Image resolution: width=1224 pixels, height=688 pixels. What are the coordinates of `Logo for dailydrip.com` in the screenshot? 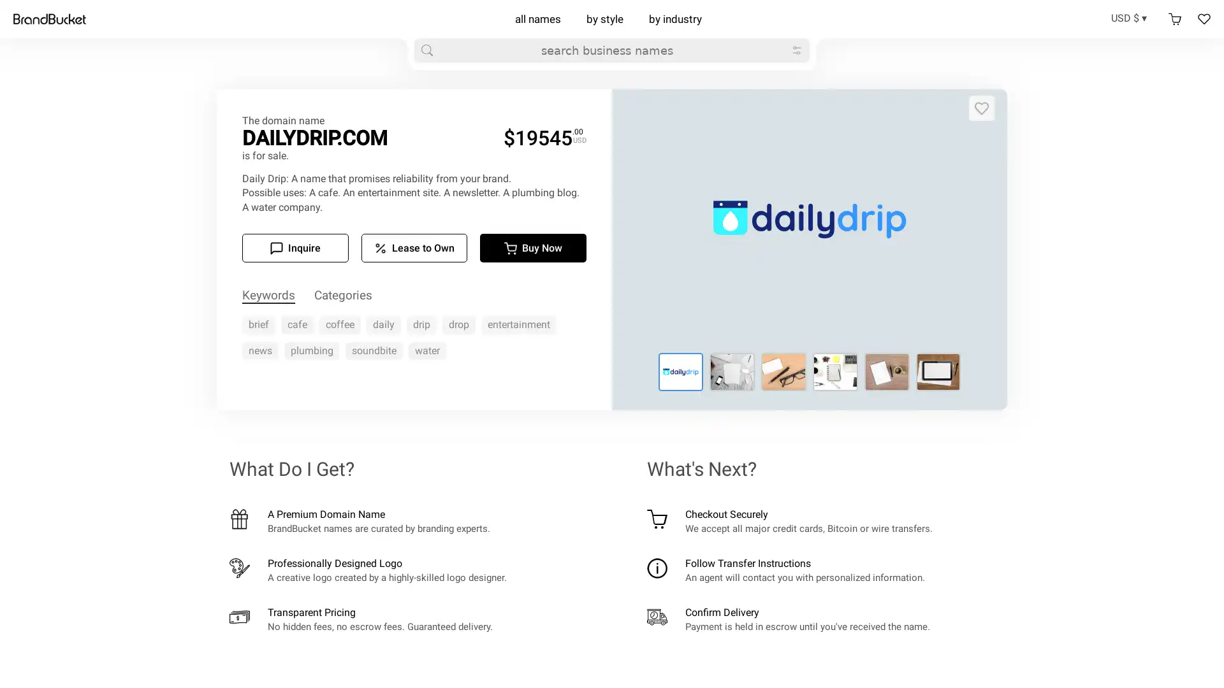 It's located at (938, 371).